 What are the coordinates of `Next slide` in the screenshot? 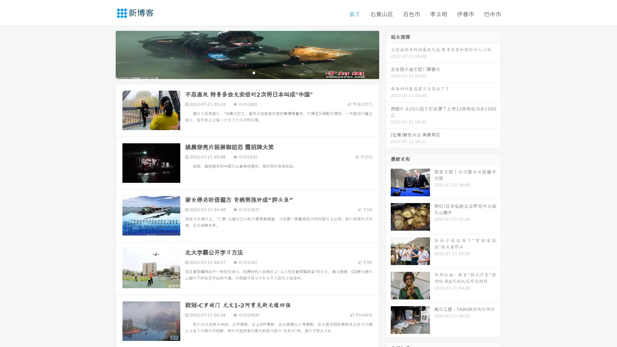 It's located at (388, 54).